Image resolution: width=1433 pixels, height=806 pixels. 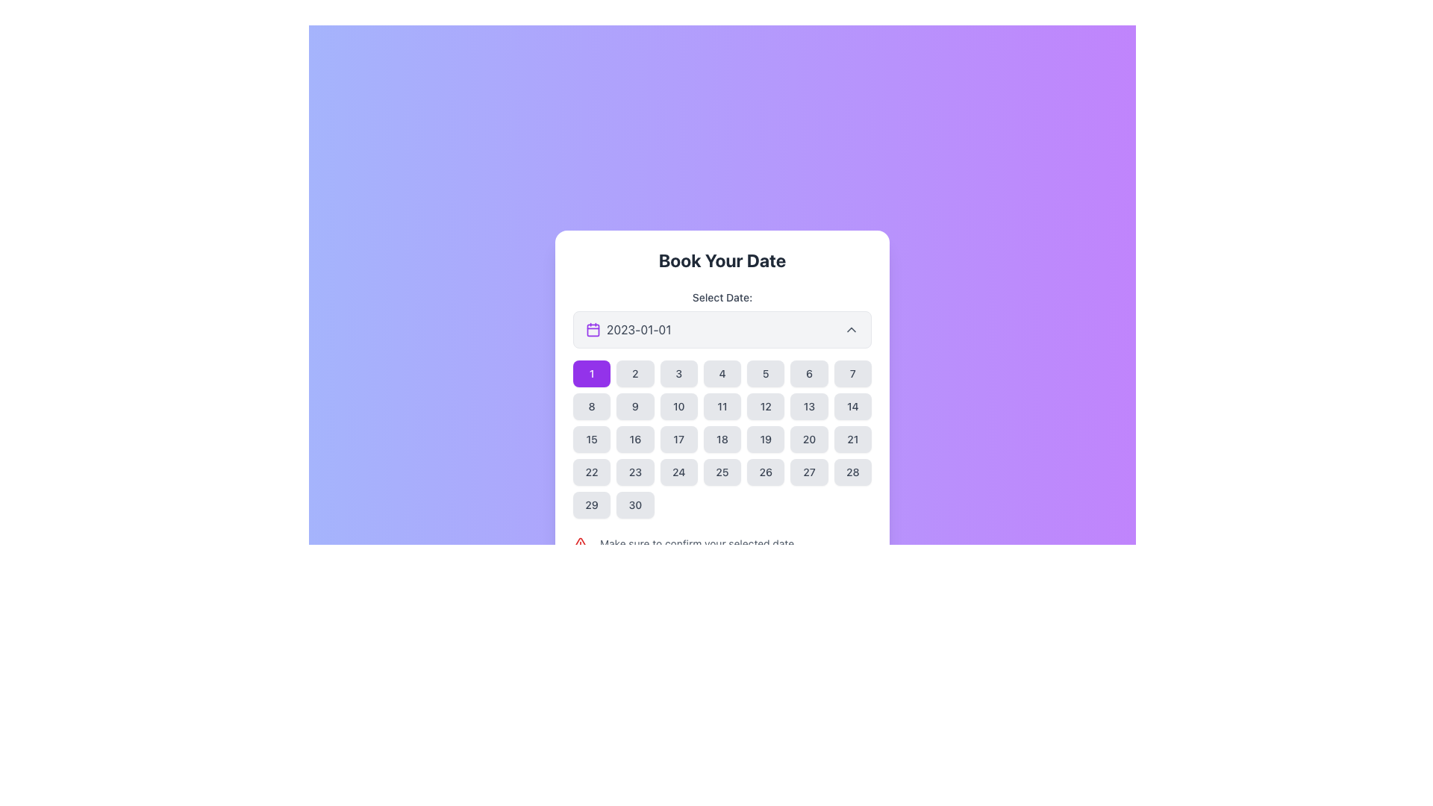 I want to click on the square button with rounded corners containing the bold '19' text, so click(x=766, y=439).